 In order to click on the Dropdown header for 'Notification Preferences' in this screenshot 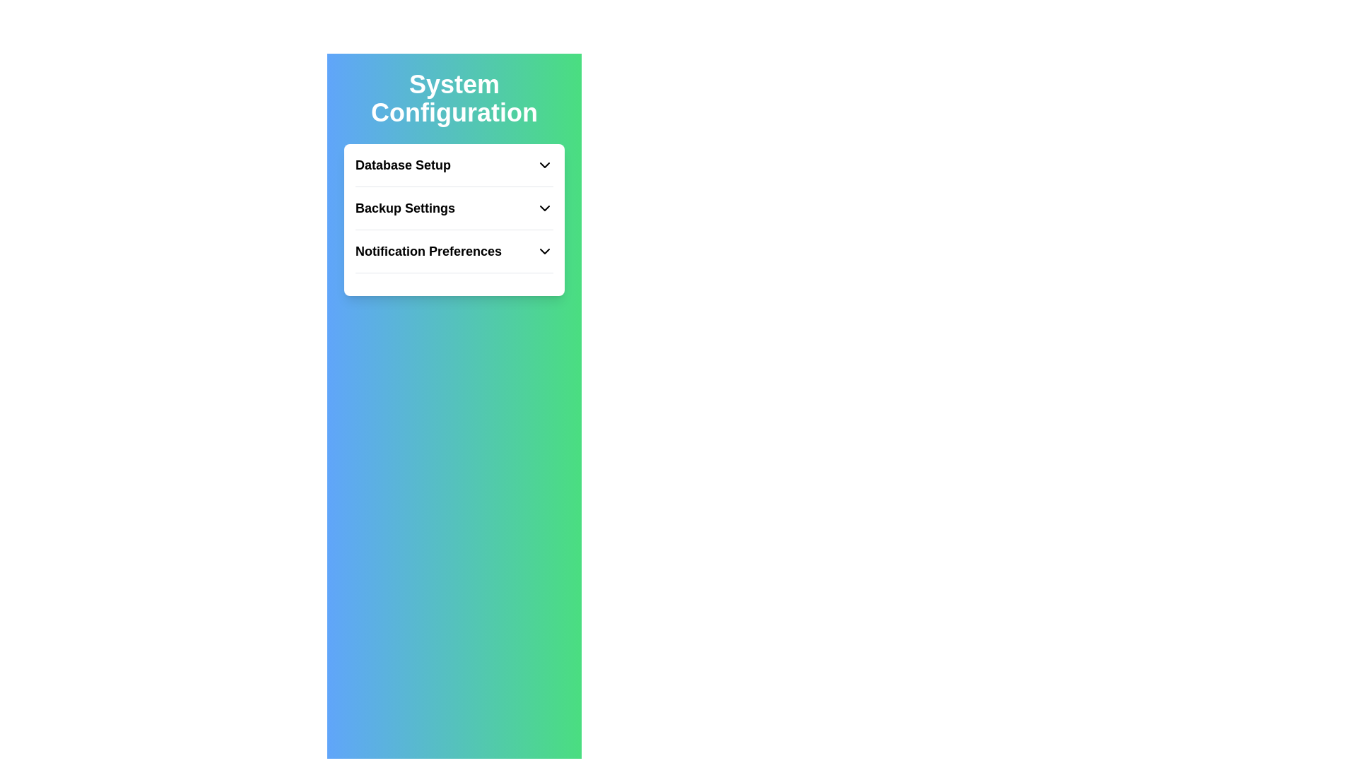, I will do `click(454, 257)`.